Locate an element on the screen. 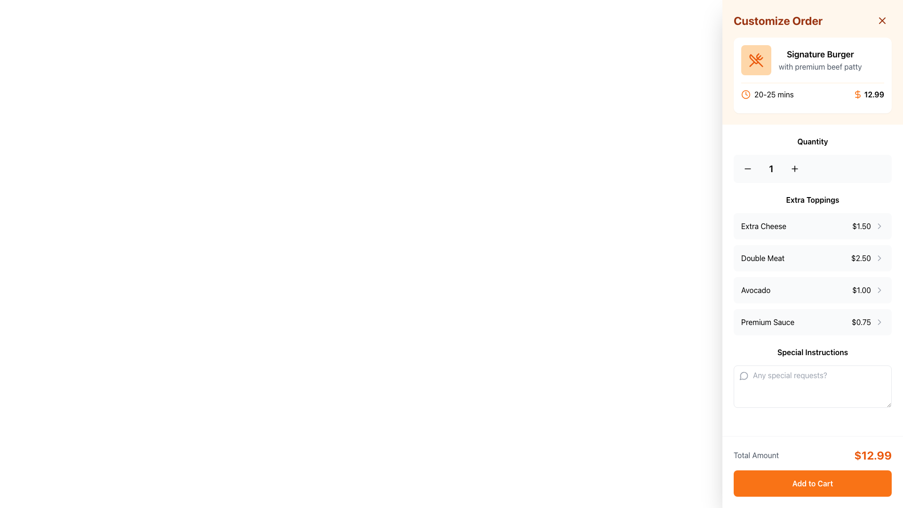 Image resolution: width=903 pixels, height=508 pixels. the dollar sign icon within the SVG graphic, which is a bold orange representation located adjacent to the price display in the 'Customize Order' sidebar is located at coordinates (857, 94).